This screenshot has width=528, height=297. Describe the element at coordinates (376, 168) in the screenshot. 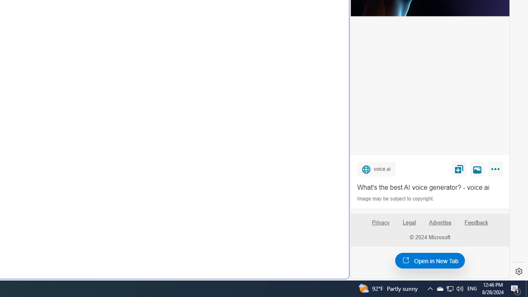

I see `'voice.ai'` at that location.